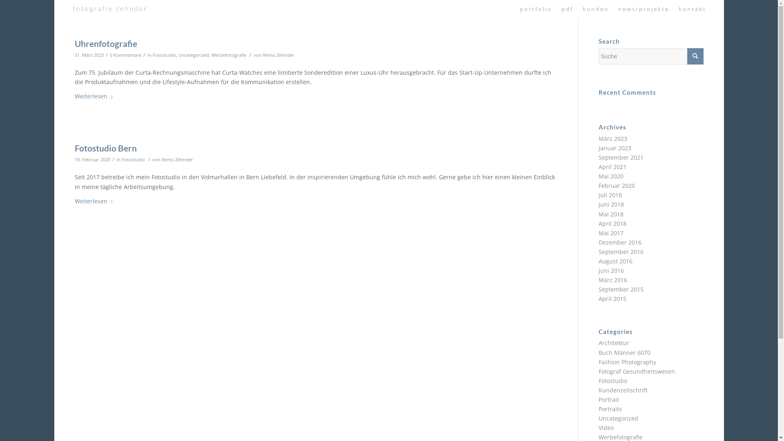 The width and height of the screenshot is (784, 441). I want to click on 'Kundenzeitschrift', so click(623, 390).